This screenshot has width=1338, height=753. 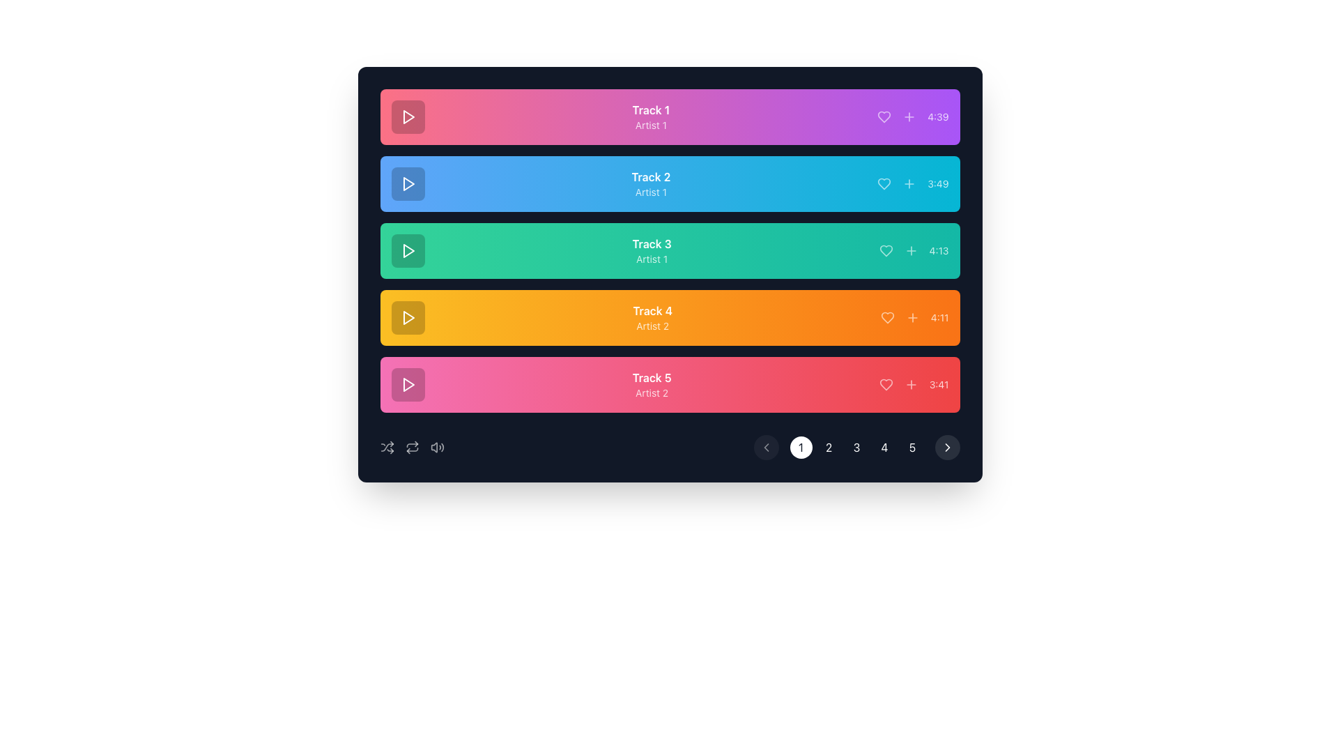 I want to click on the circular button displaying the numeral '5' in the bottom right of the music player interface, so click(x=912, y=447).